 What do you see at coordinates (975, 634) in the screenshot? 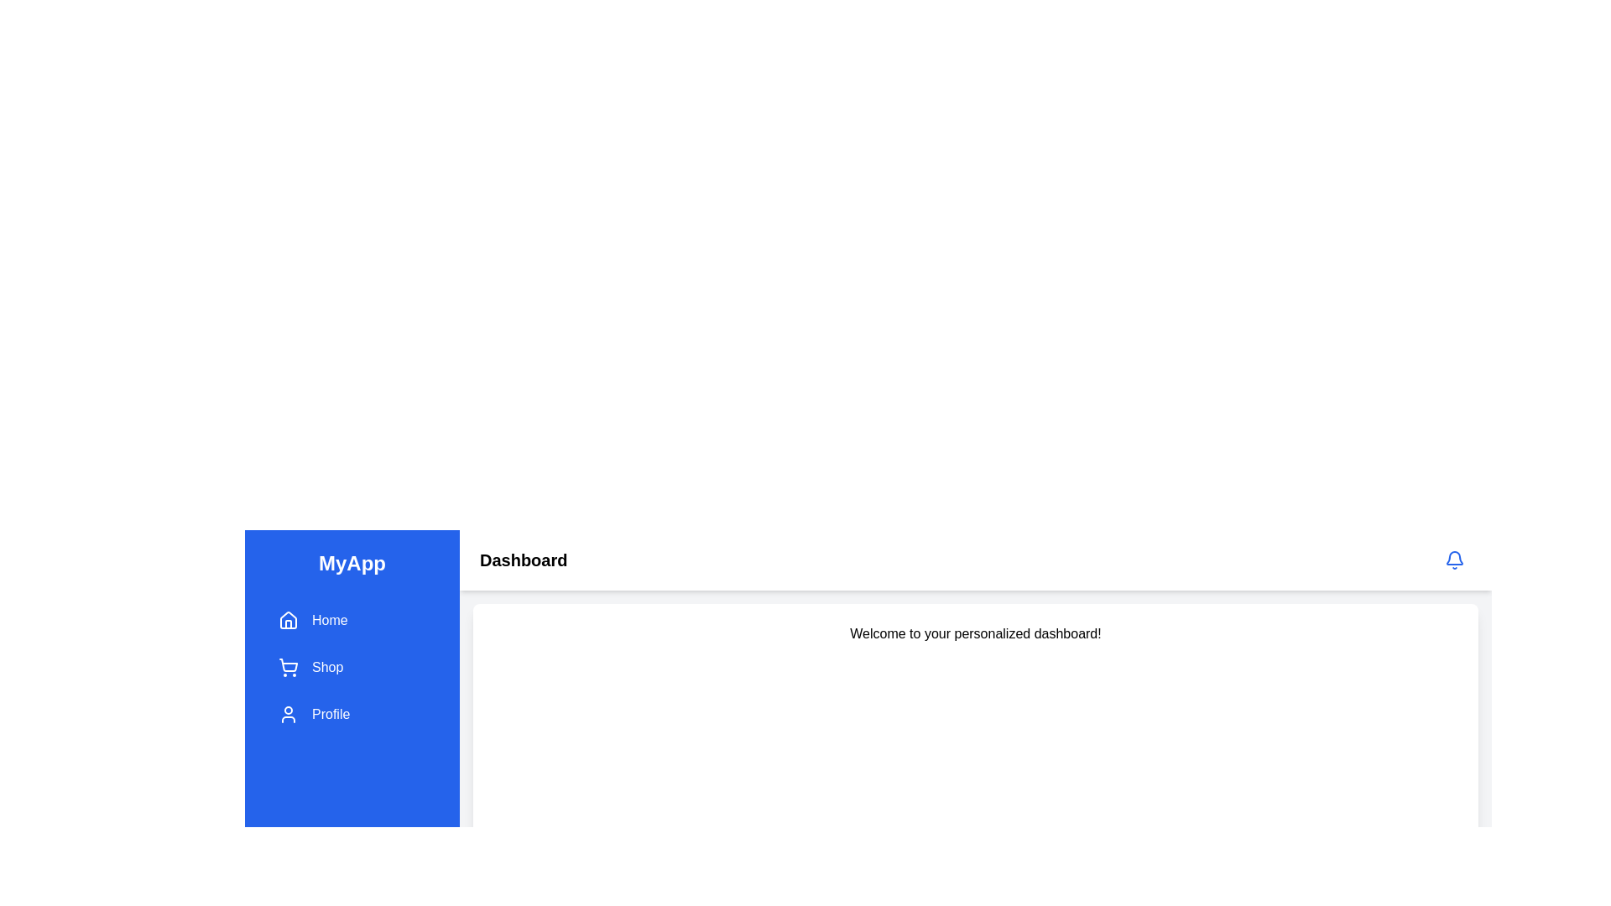
I see `welcoming message displayed at the top of the central white card on the dashboard` at bounding box center [975, 634].